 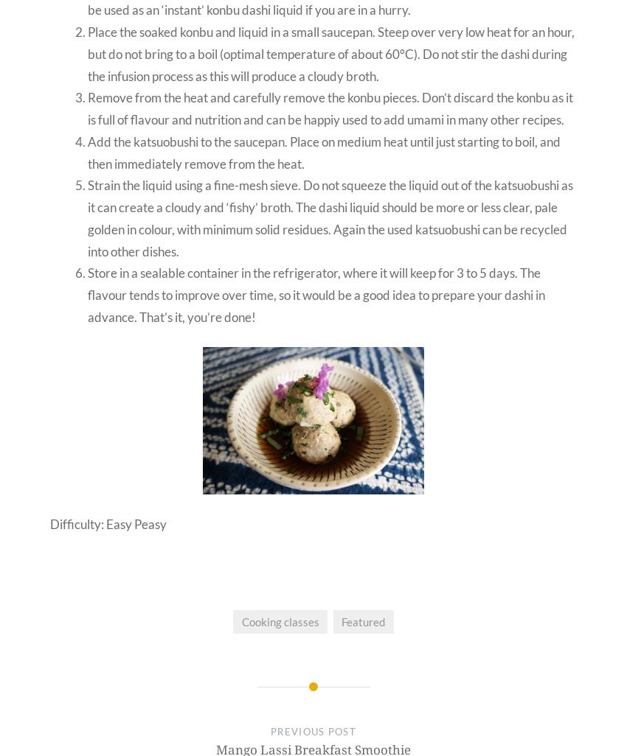 What do you see at coordinates (279, 620) in the screenshot?
I see `'Cooking classes'` at bounding box center [279, 620].